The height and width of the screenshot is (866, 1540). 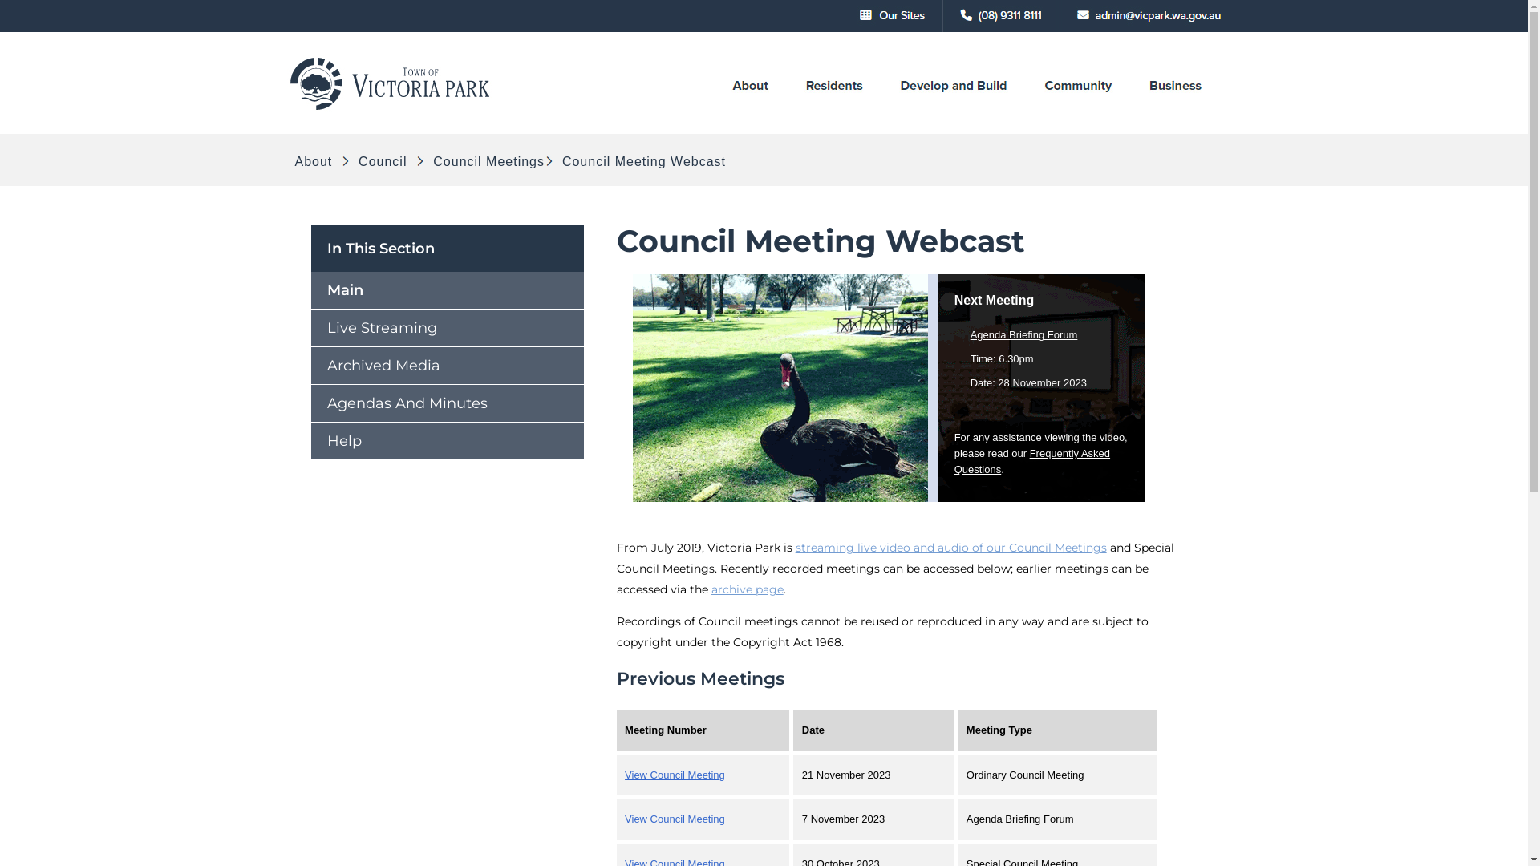 What do you see at coordinates (1023, 334) in the screenshot?
I see `'Agenda Briefing Forum'` at bounding box center [1023, 334].